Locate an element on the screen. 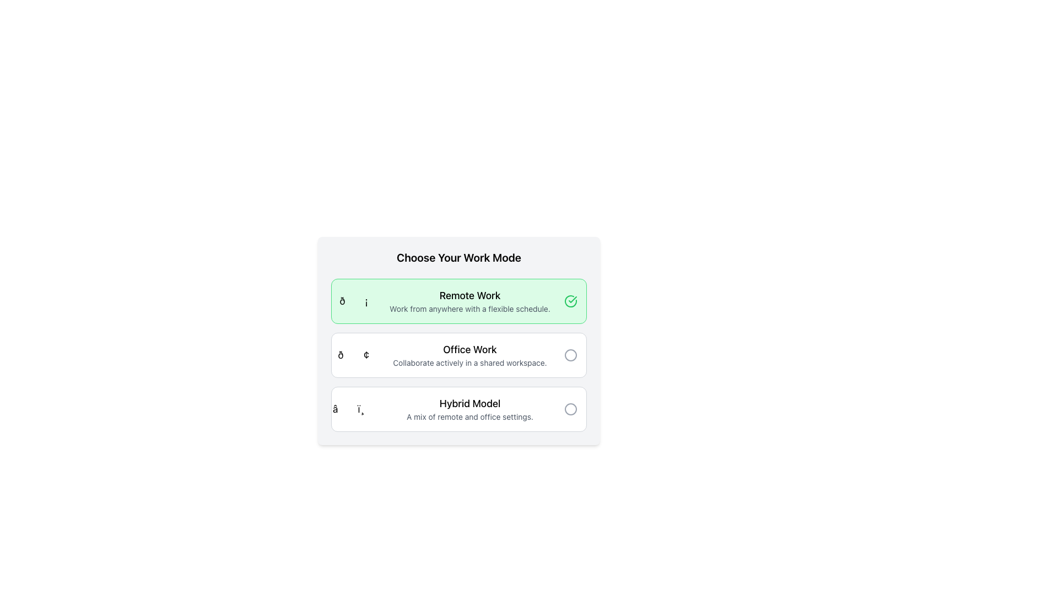 This screenshot has width=1058, height=595. the check icon located on the far right side of the 'Remote Work' option is located at coordinates (571, 301).